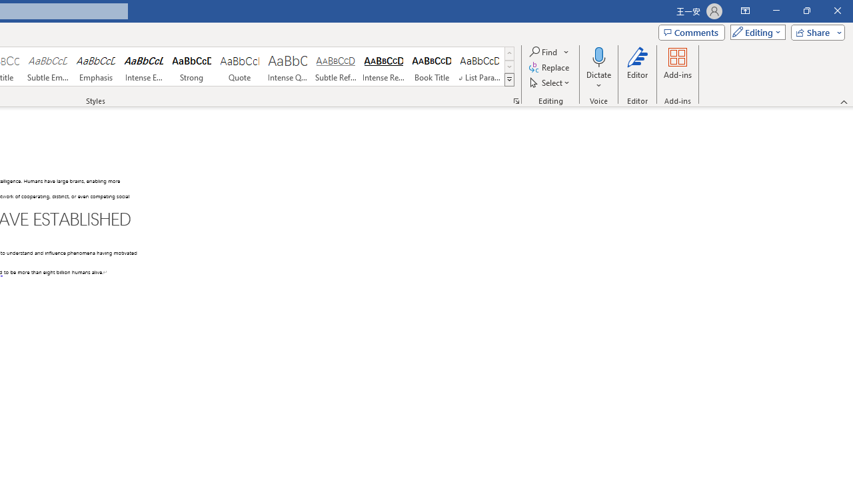  I want to click on 'Subtle Emphasis', so click(47, 67).